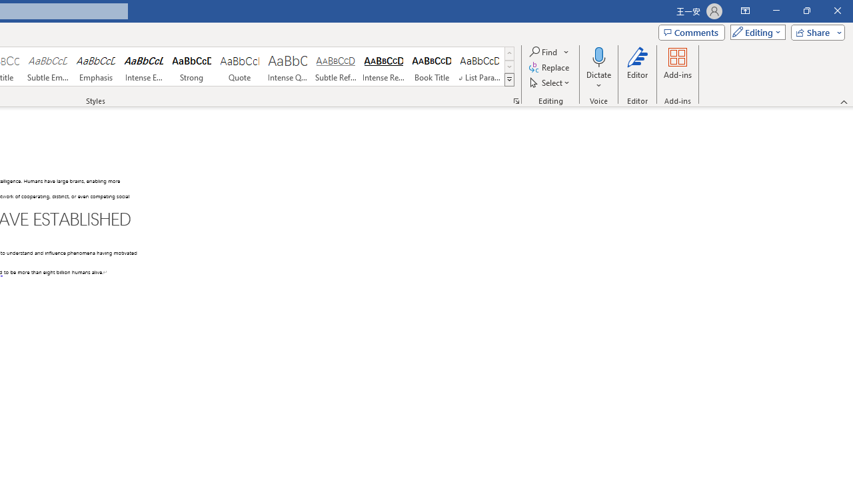  I want to click on 'Subtle Emphasis', so click(47, 67).